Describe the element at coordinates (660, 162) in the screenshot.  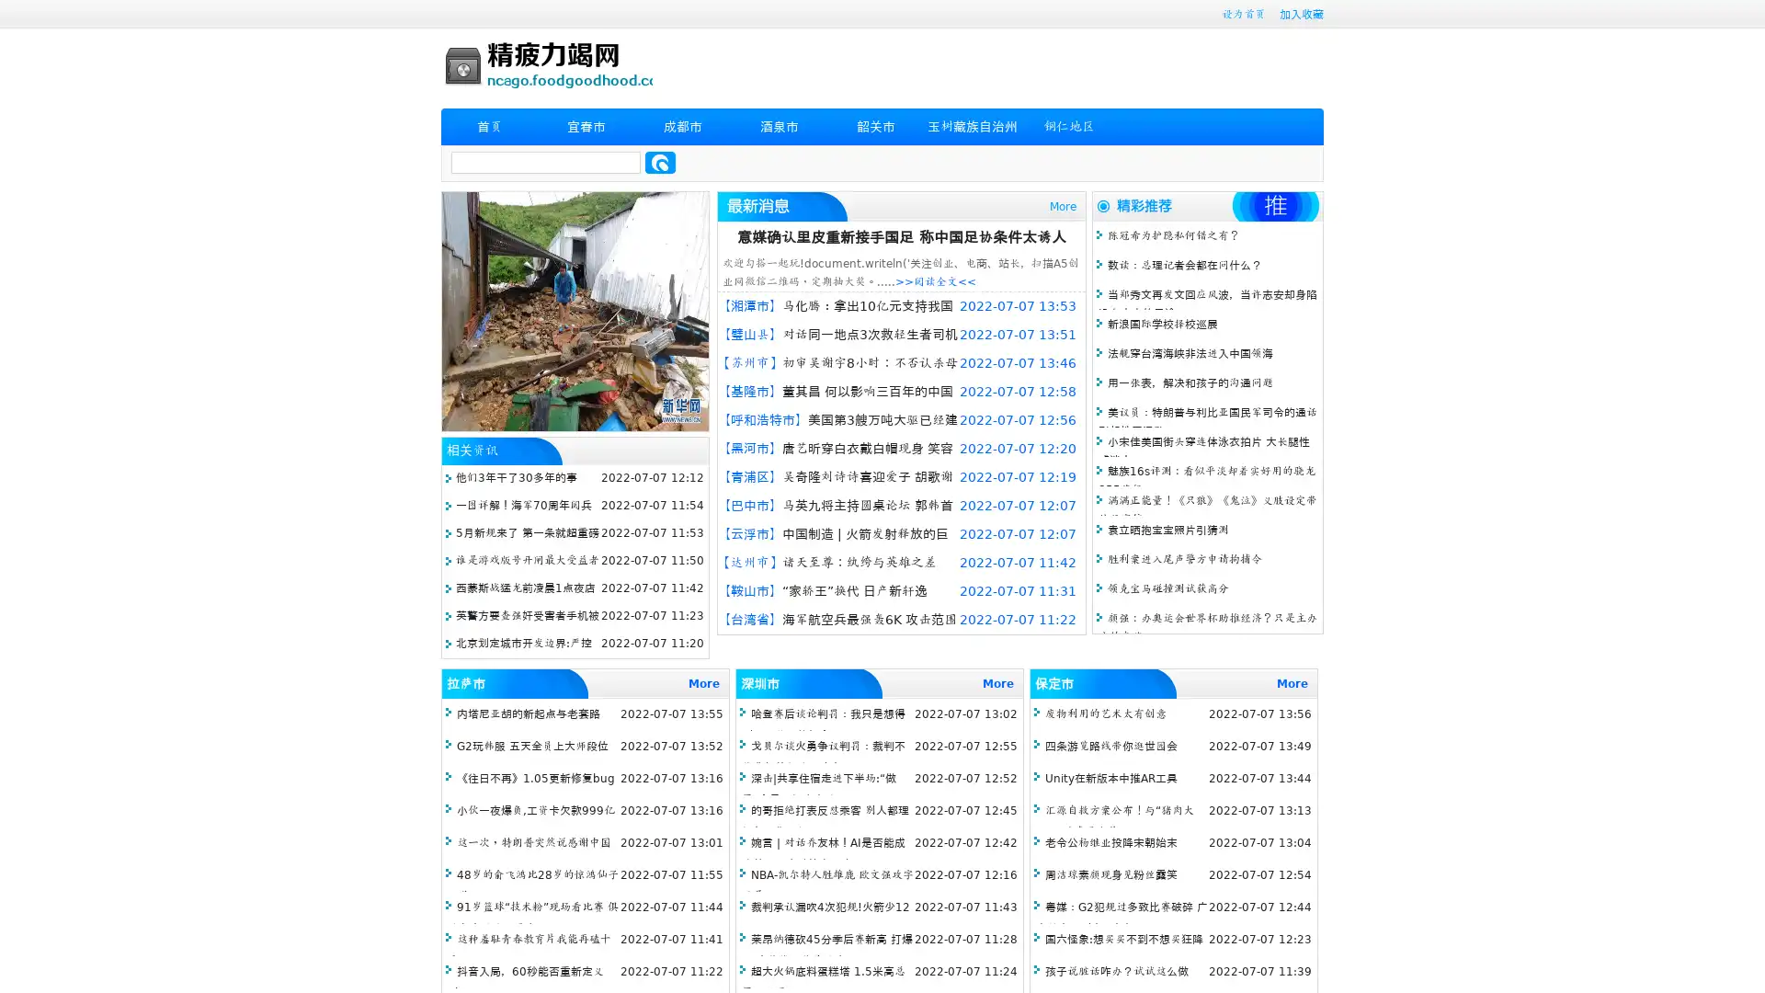
I see `Search` at that location.